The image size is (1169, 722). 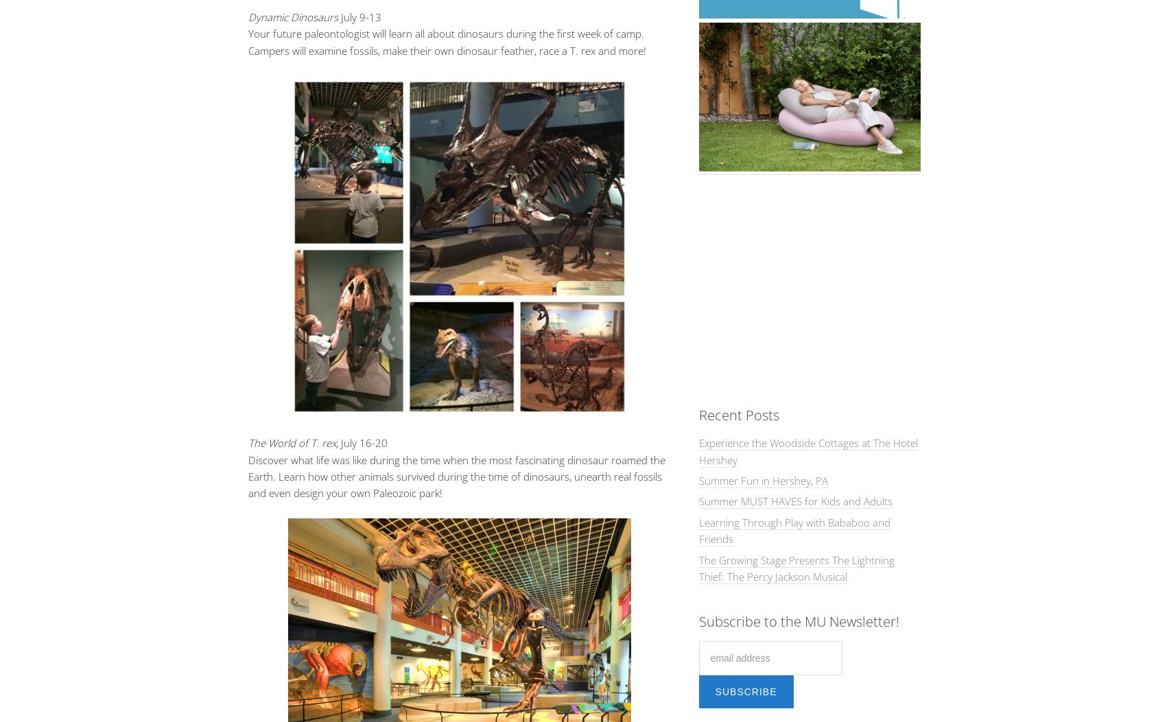 What do you see at coordinates (793, 530) in the screenshot?
I see `'Learning Through Play with Bababoo and Friends'` at bounding box center [793, 530].